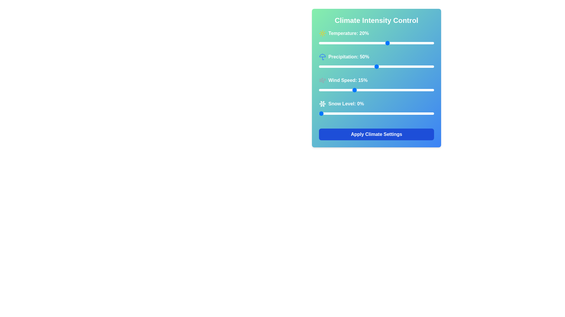 The height and width of the screenshot is (317, 565). What do you see at coordinates (403, 113) in the screenshot?
I see `the snow level` at bounding box center [403, 113].